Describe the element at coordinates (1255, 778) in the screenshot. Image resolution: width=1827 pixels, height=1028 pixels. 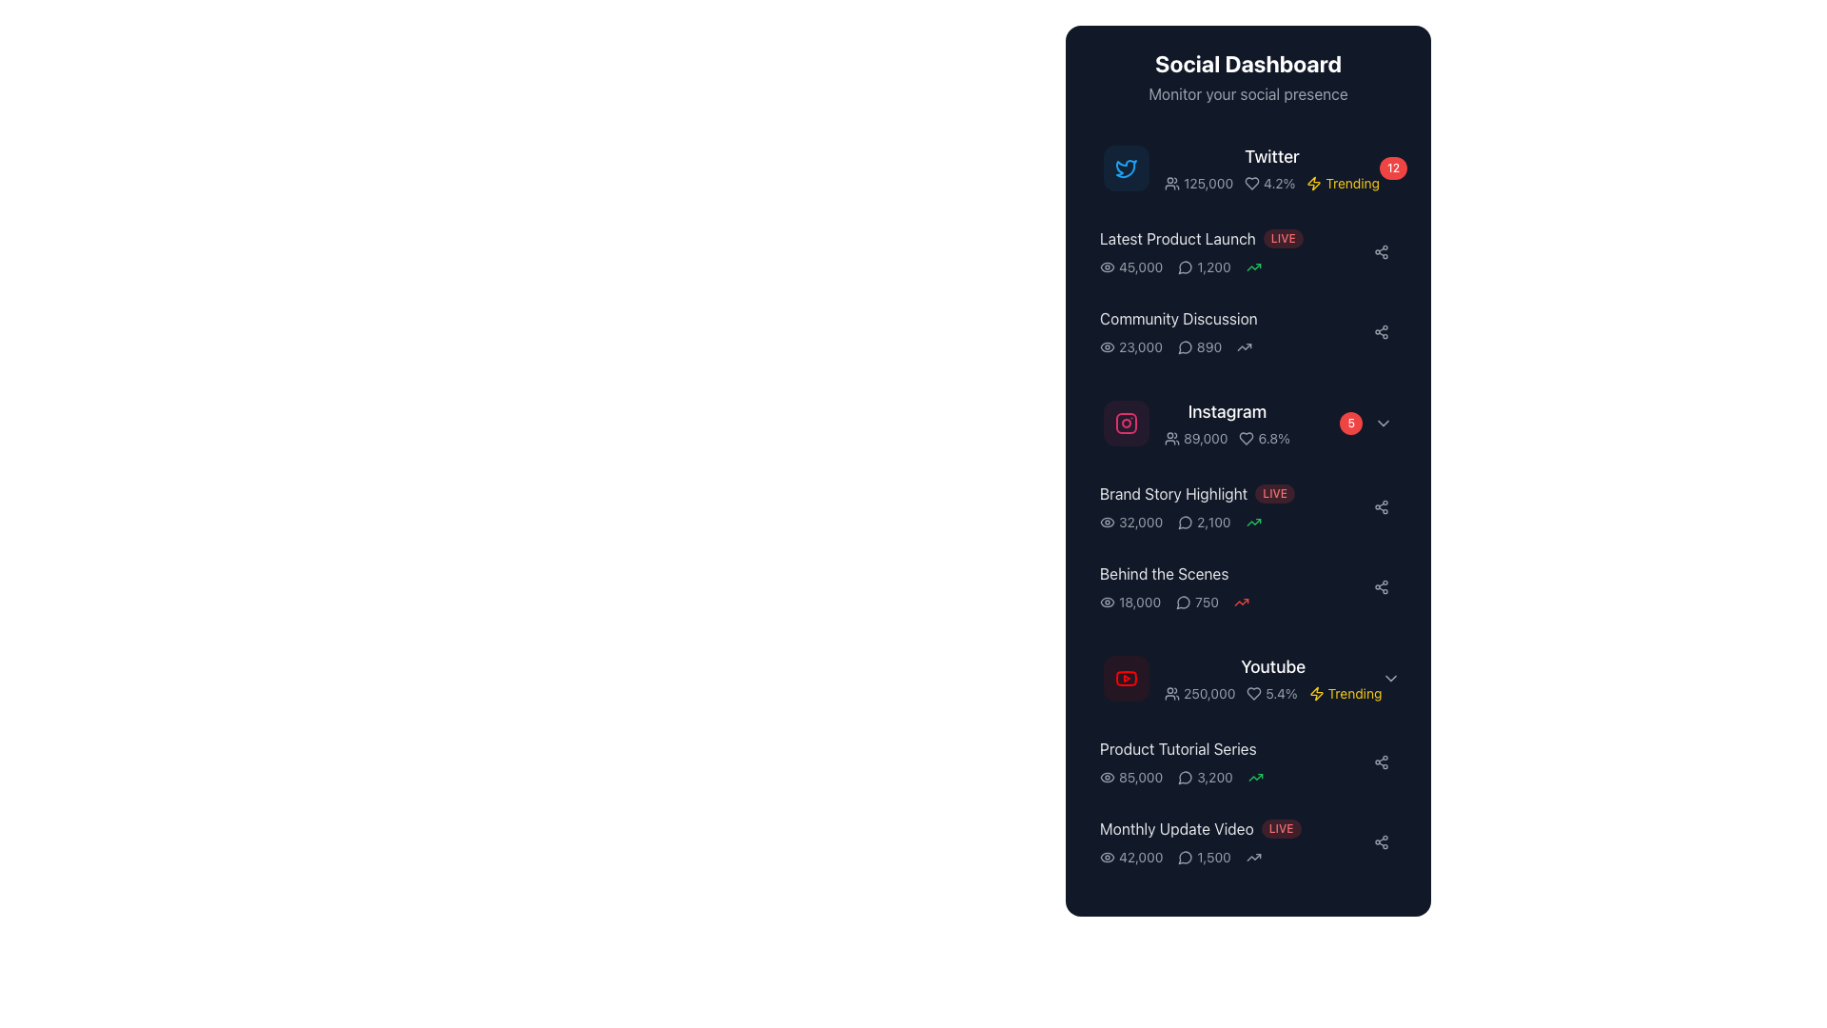
I see `the visual trend indicator icon located to the right of the numeric value '3,200' in the 'Product Tutorial Series' section` at that location.